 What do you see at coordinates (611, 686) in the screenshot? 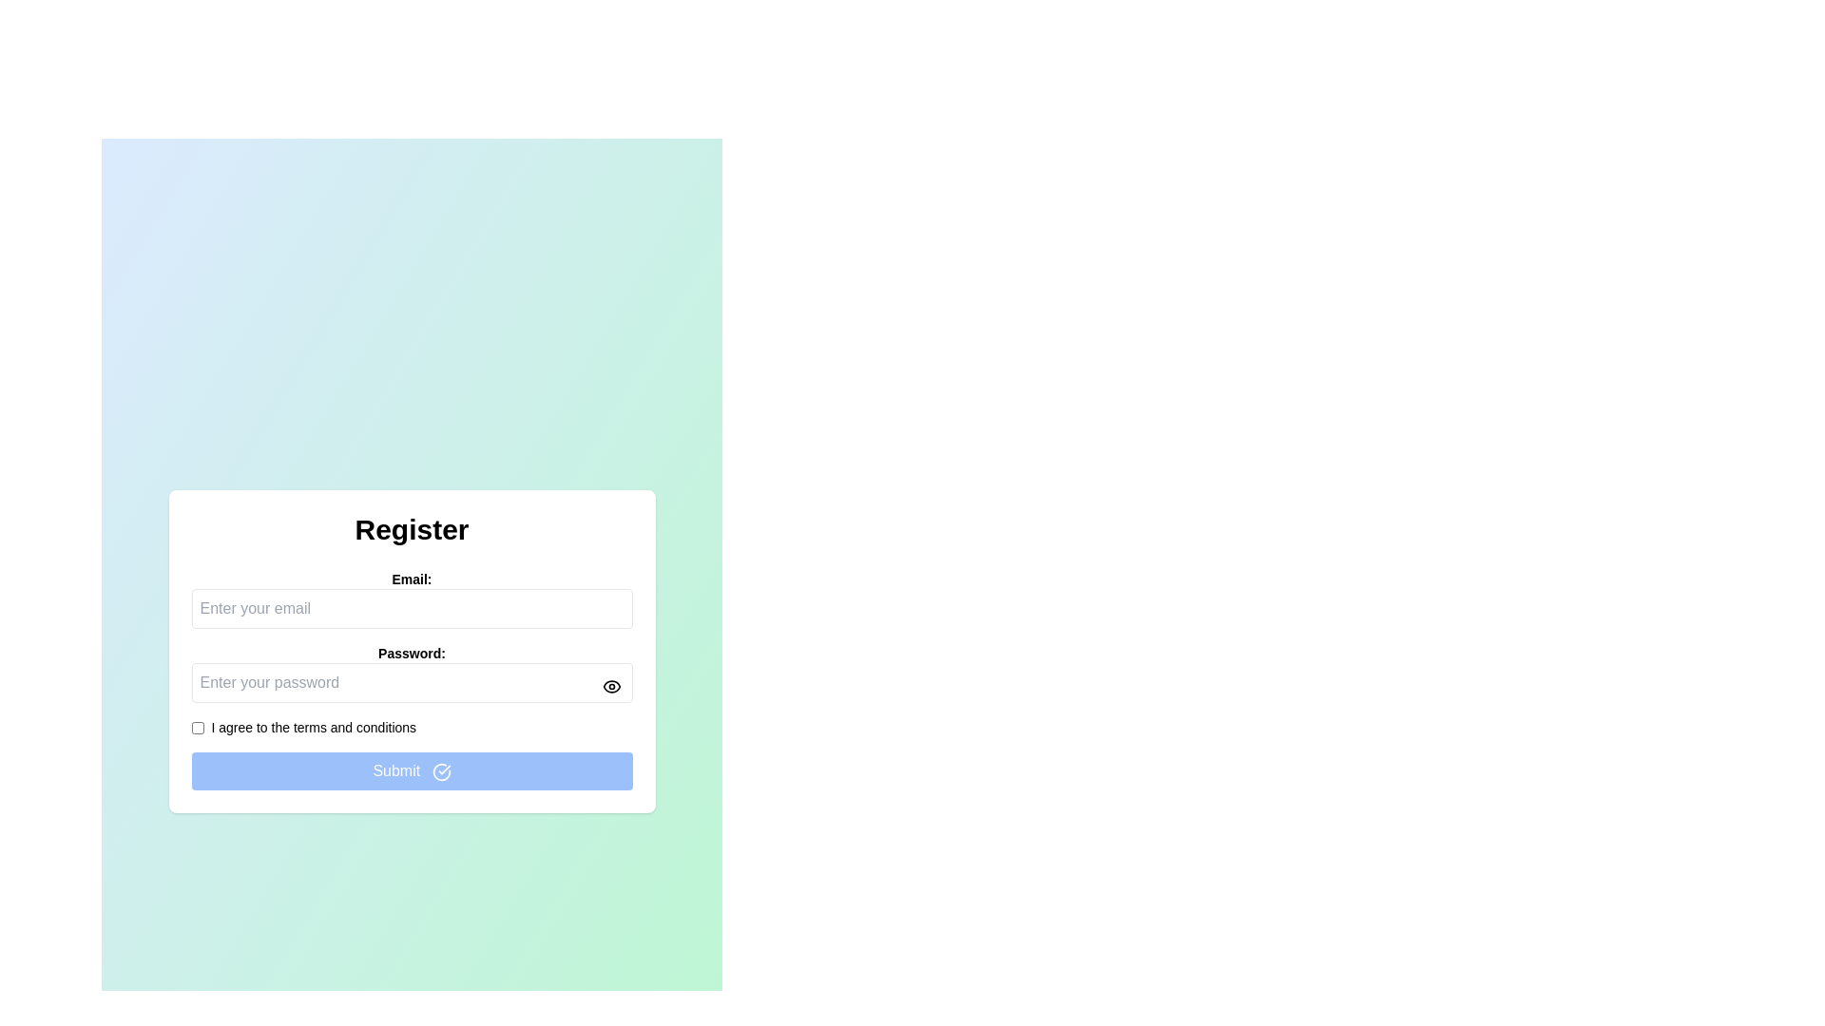
I see `the password visibility toggle button located to the right of the password input field` at bounding box center [611, 686].